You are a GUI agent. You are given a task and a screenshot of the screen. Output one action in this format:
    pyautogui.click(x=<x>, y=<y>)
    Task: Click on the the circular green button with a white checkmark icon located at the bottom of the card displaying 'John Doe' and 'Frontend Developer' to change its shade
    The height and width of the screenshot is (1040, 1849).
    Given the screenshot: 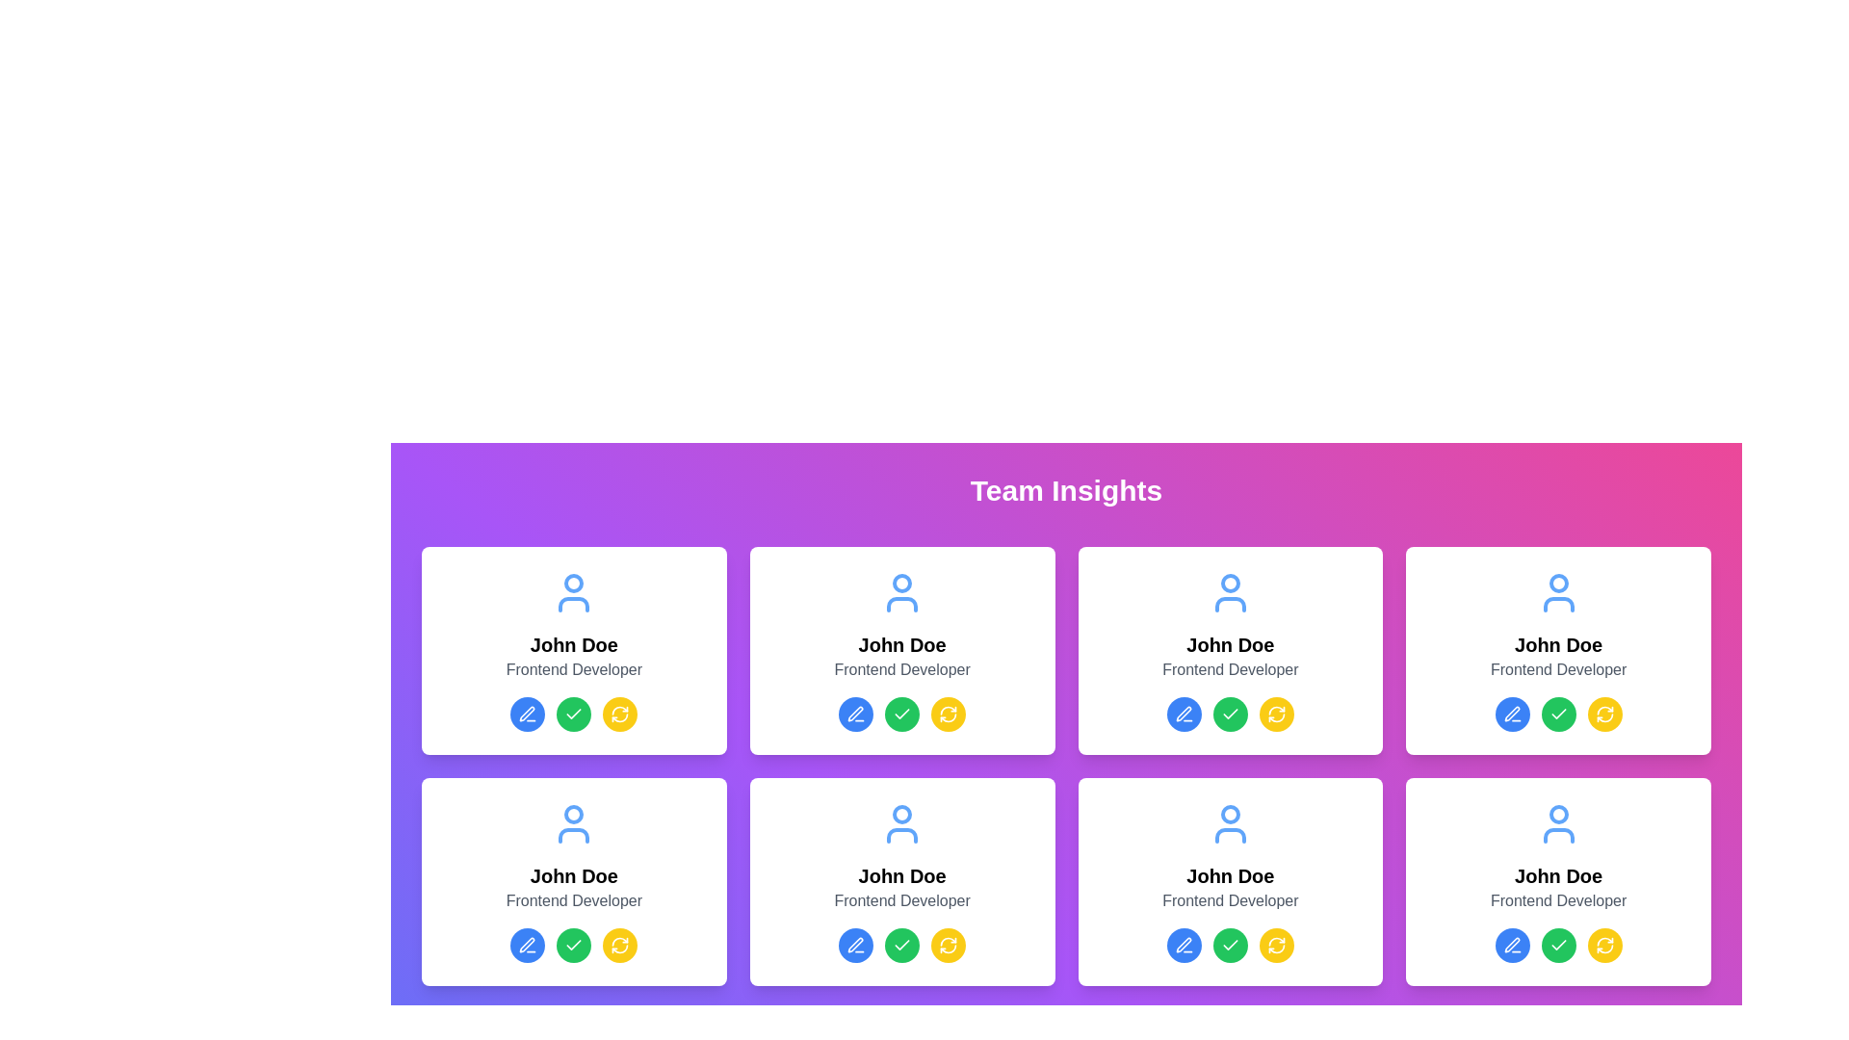 What is the action you would take?
    pyautogui.click(x=1229, y=945)
    